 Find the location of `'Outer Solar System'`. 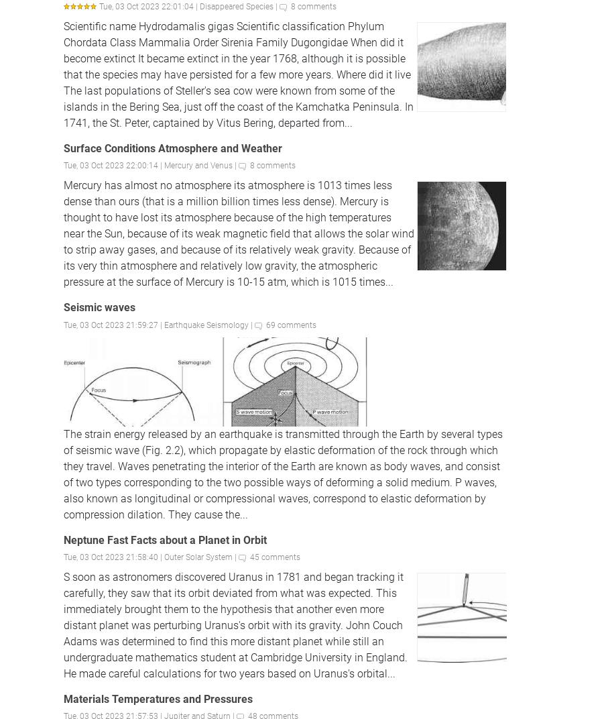

'Outer Solar System' is located at coordinates (198, 557).